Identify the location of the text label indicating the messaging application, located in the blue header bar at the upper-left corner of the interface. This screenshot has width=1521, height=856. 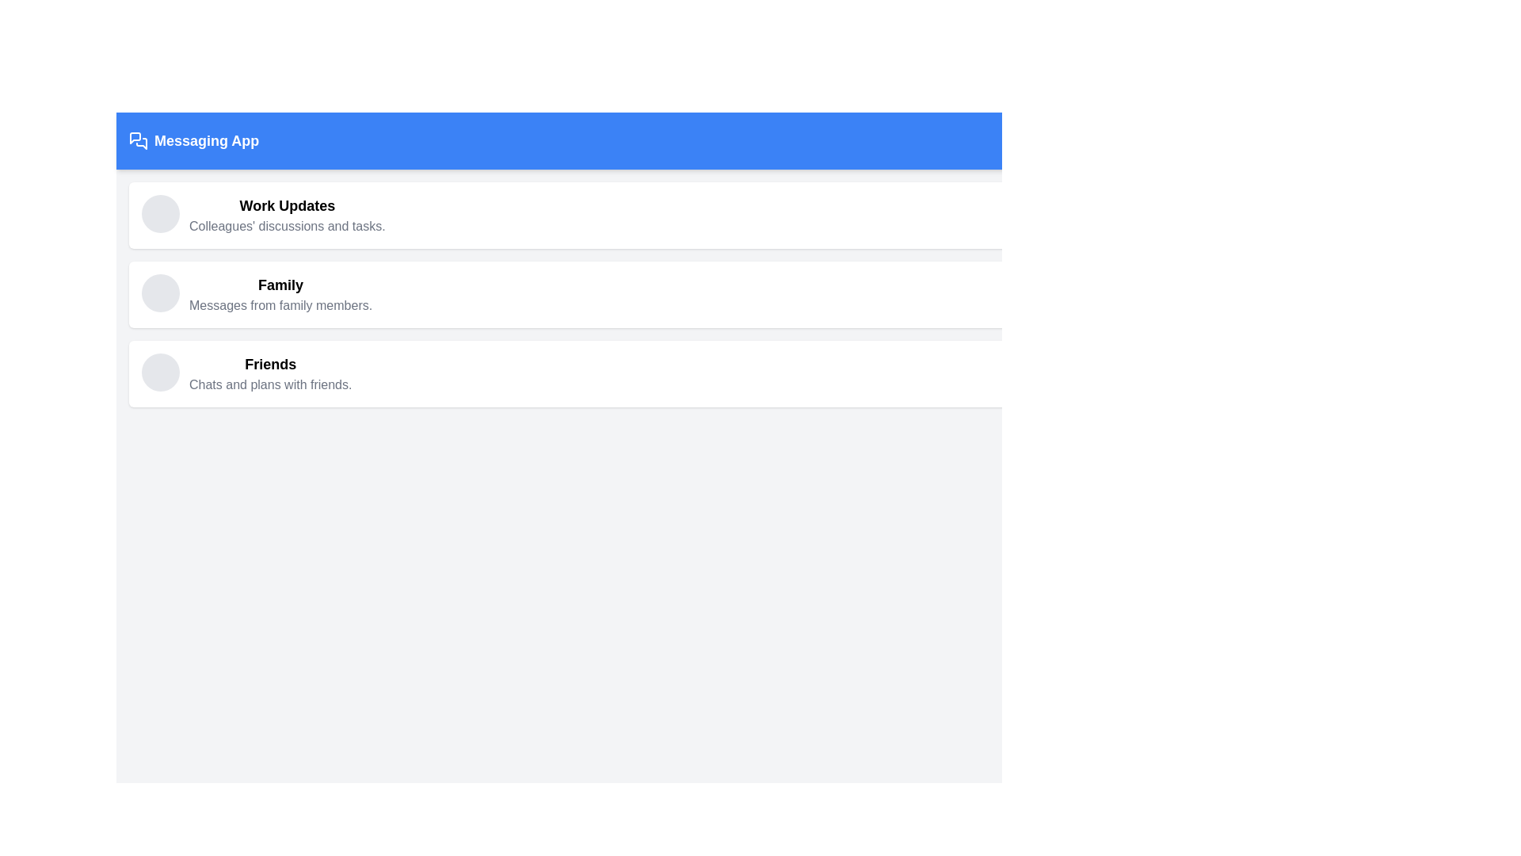
(193, 139).